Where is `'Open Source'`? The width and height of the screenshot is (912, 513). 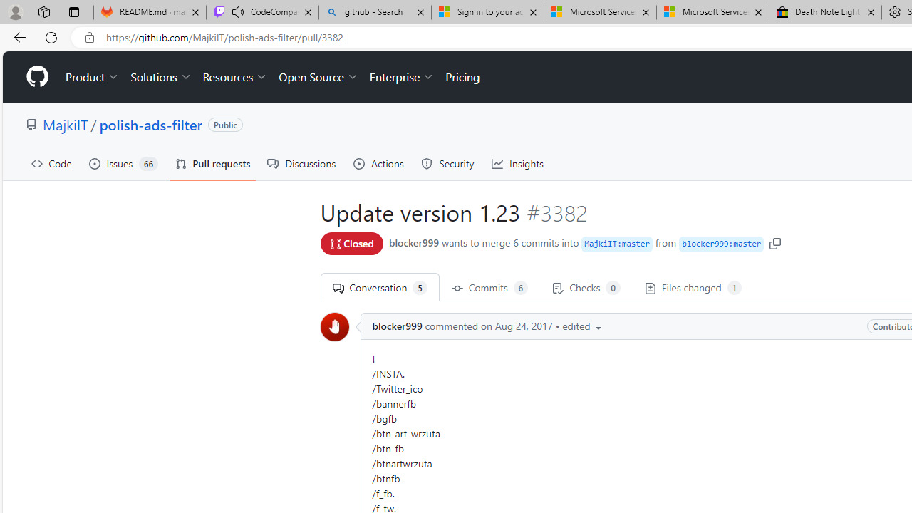 'Open Source' is located at coordinates (317, 77).